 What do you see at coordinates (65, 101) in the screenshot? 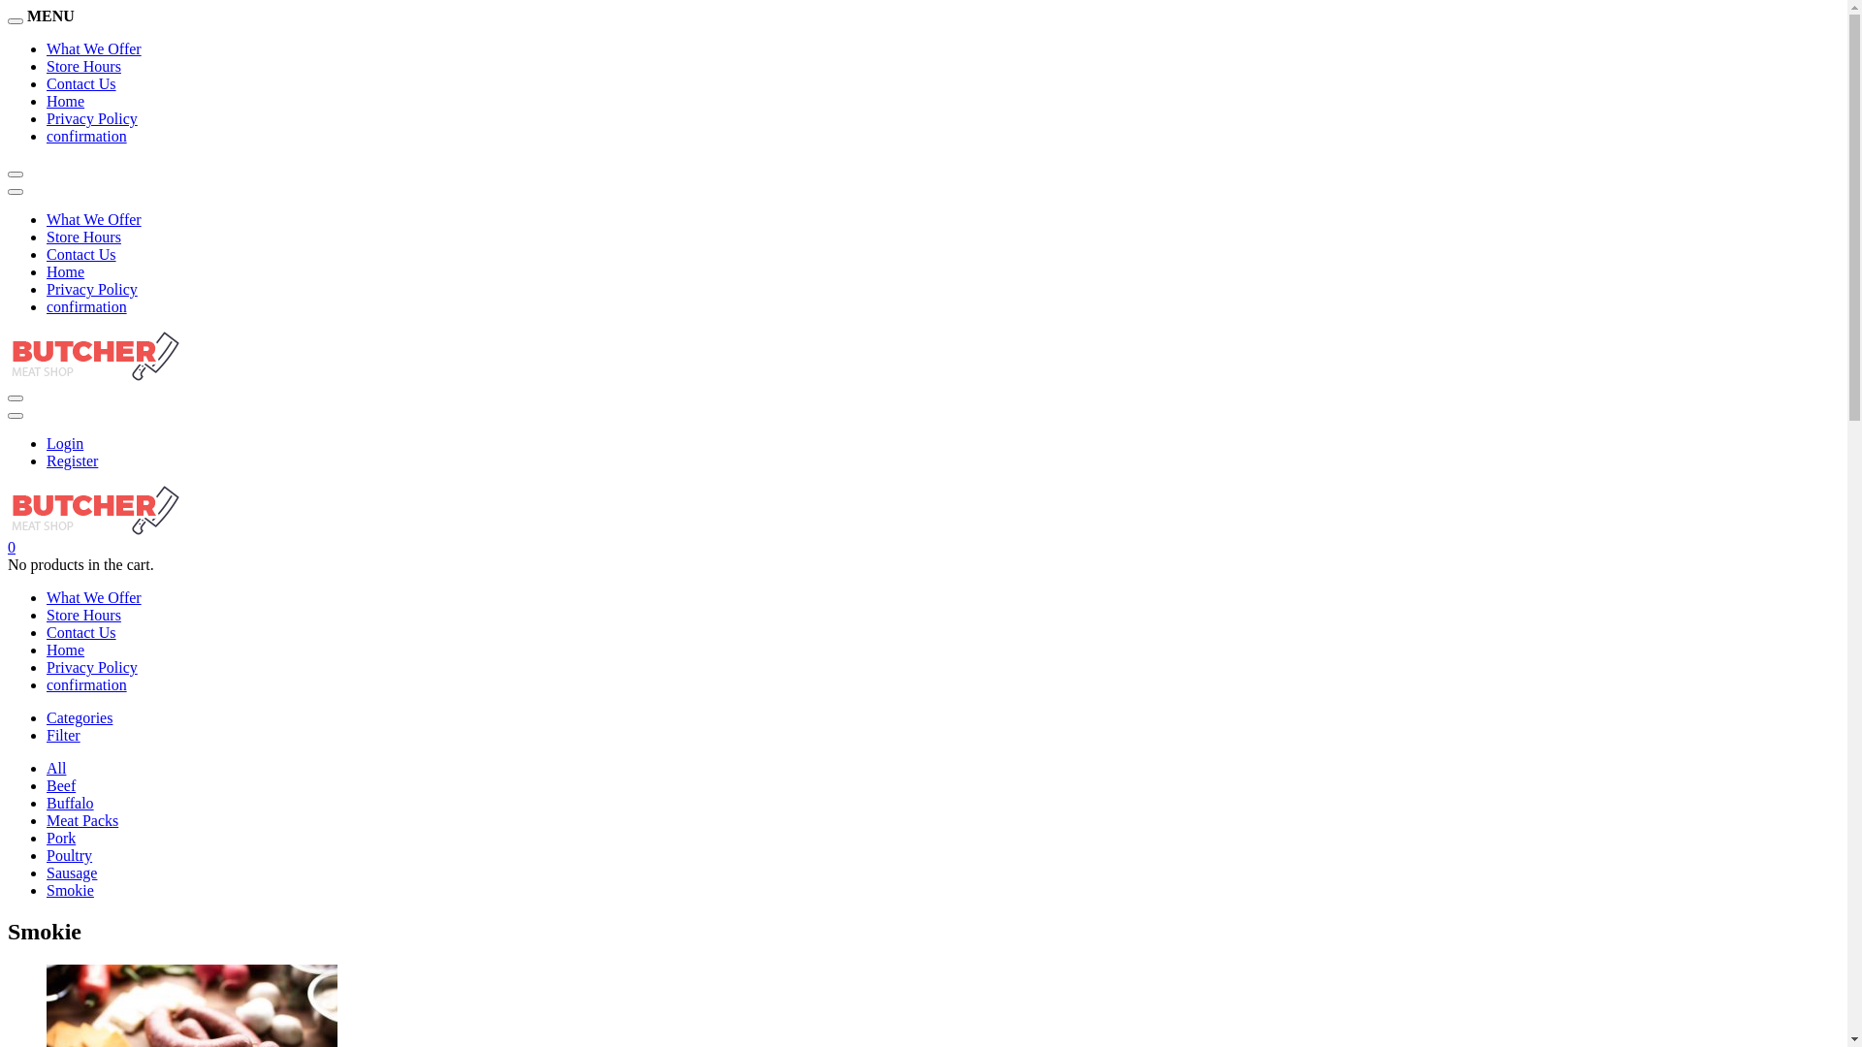
I see `'Home'` at bounding box center [65, 101].